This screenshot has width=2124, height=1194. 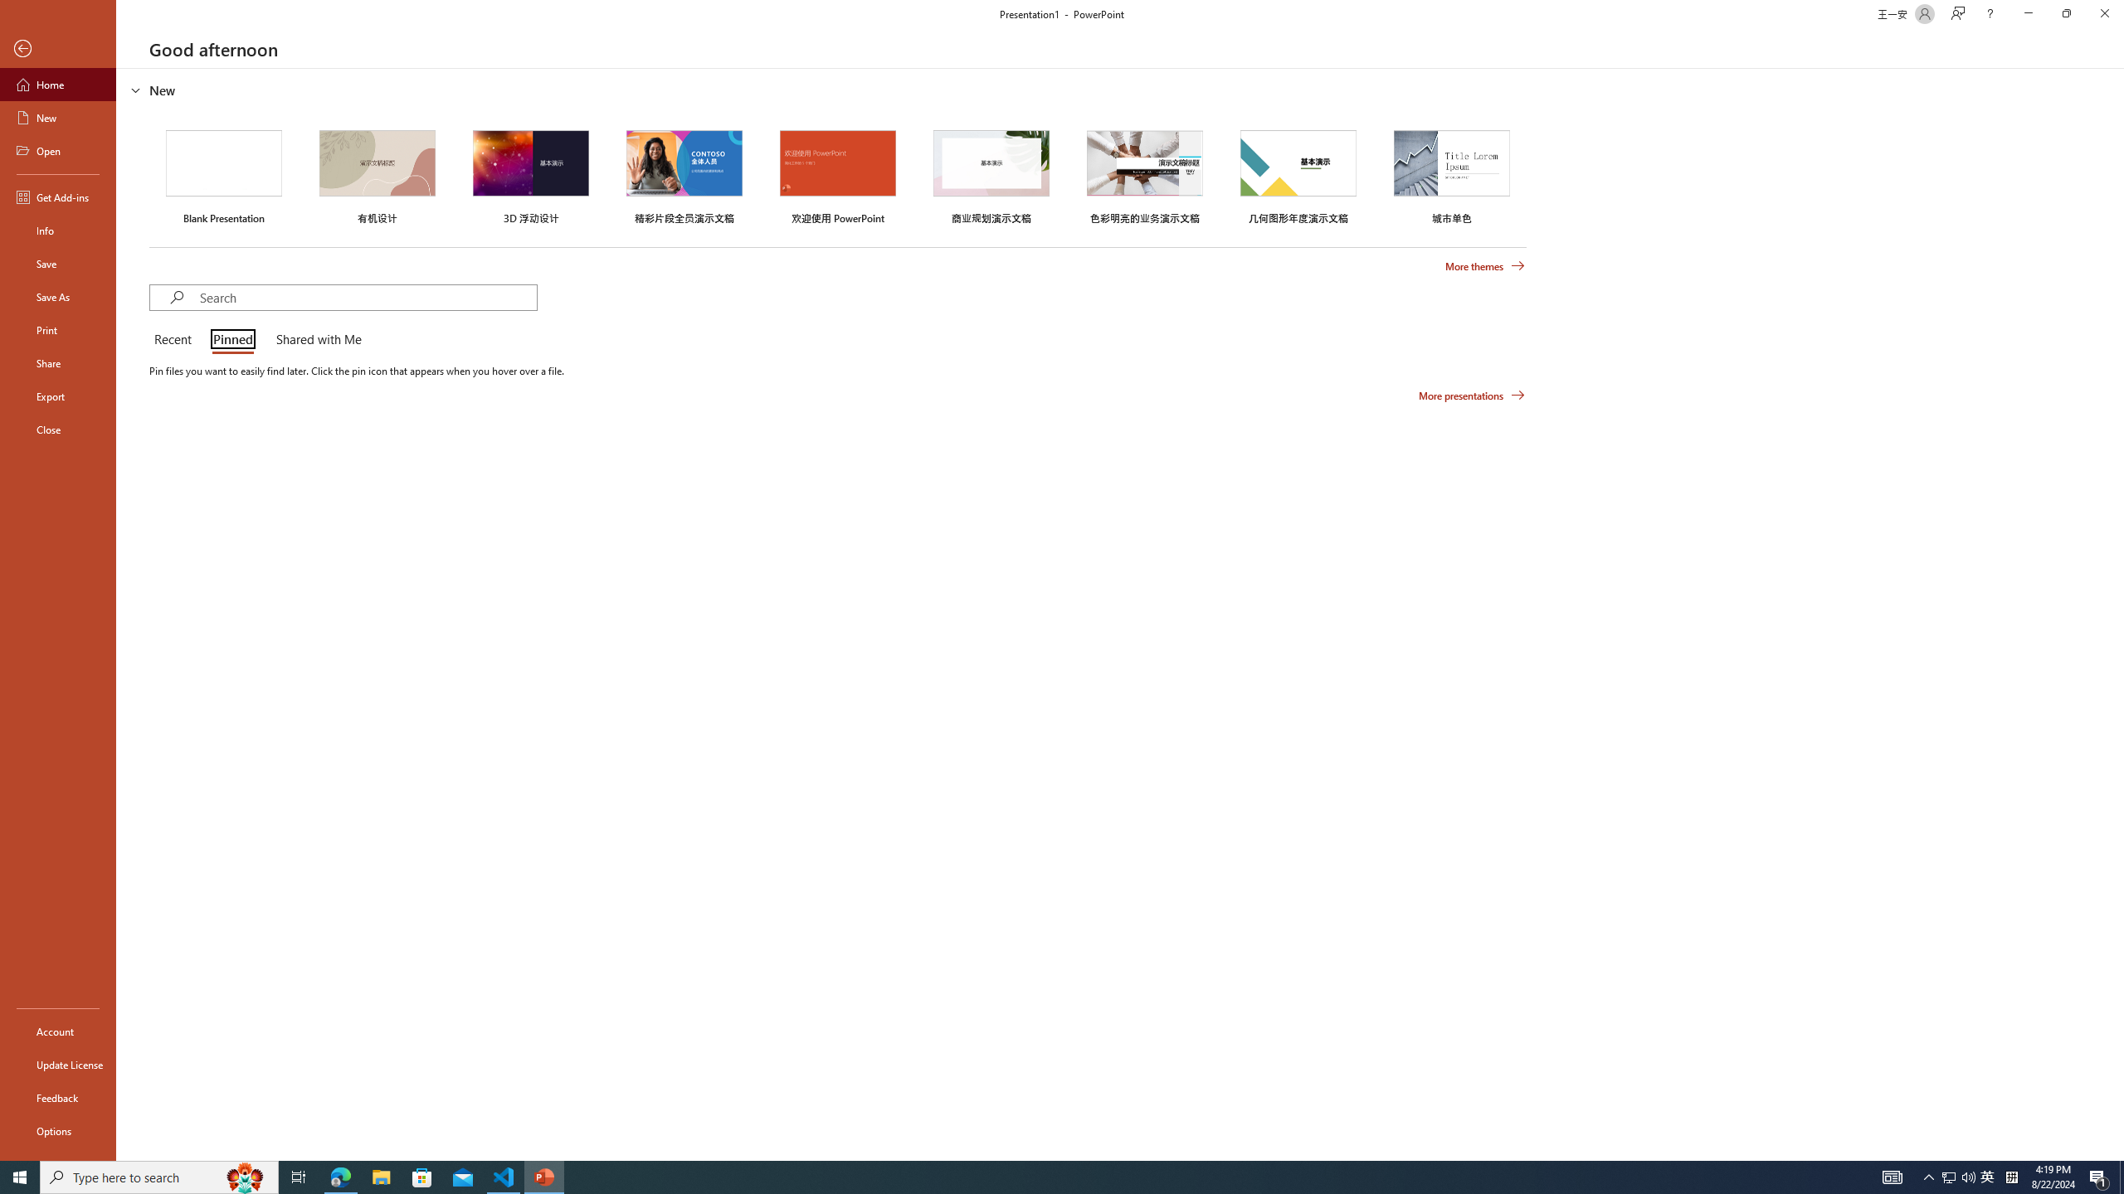 What do you see at coordinates (57, 149) in the screenshot?
I see `'Open'` at bounding box center [57, 149].